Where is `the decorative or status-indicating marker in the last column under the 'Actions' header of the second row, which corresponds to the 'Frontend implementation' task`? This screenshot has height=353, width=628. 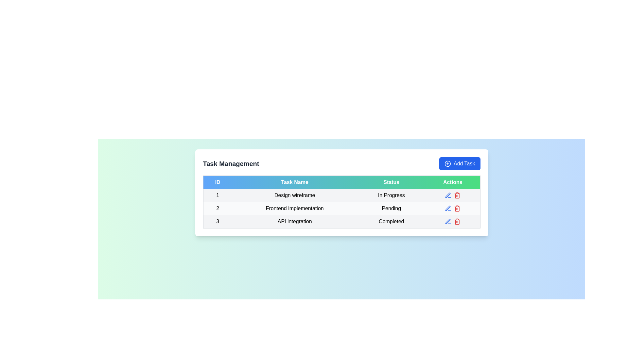 the decorative or status-indicating marker in the last column under the 'Actions' header of the second row, which corresponds to the 'Frontend implementation' task is located at coordinates (452, 208).